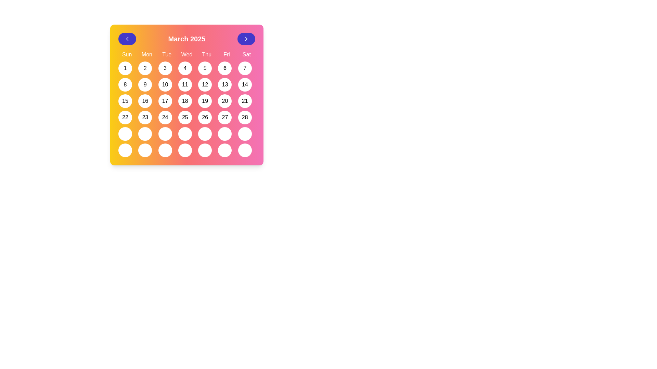  What do you see at coordinates (167, 54) in the screenshot?
I see `the text label displaying 'Tue', which is part of the calendar header row that lists the days of the week` at bounding box center [167, 54].